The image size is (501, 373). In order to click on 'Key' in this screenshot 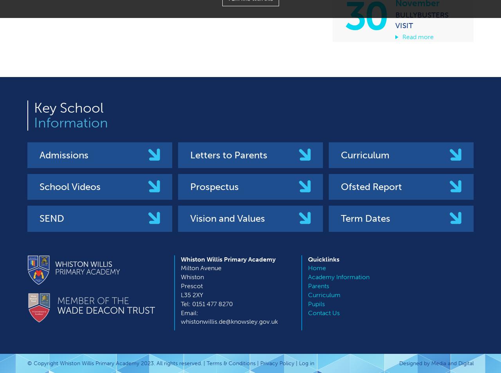, I will do `click(47, 108)`.